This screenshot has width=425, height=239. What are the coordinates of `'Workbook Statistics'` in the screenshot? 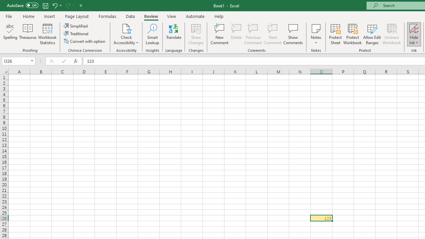 It's located at (47, 34).